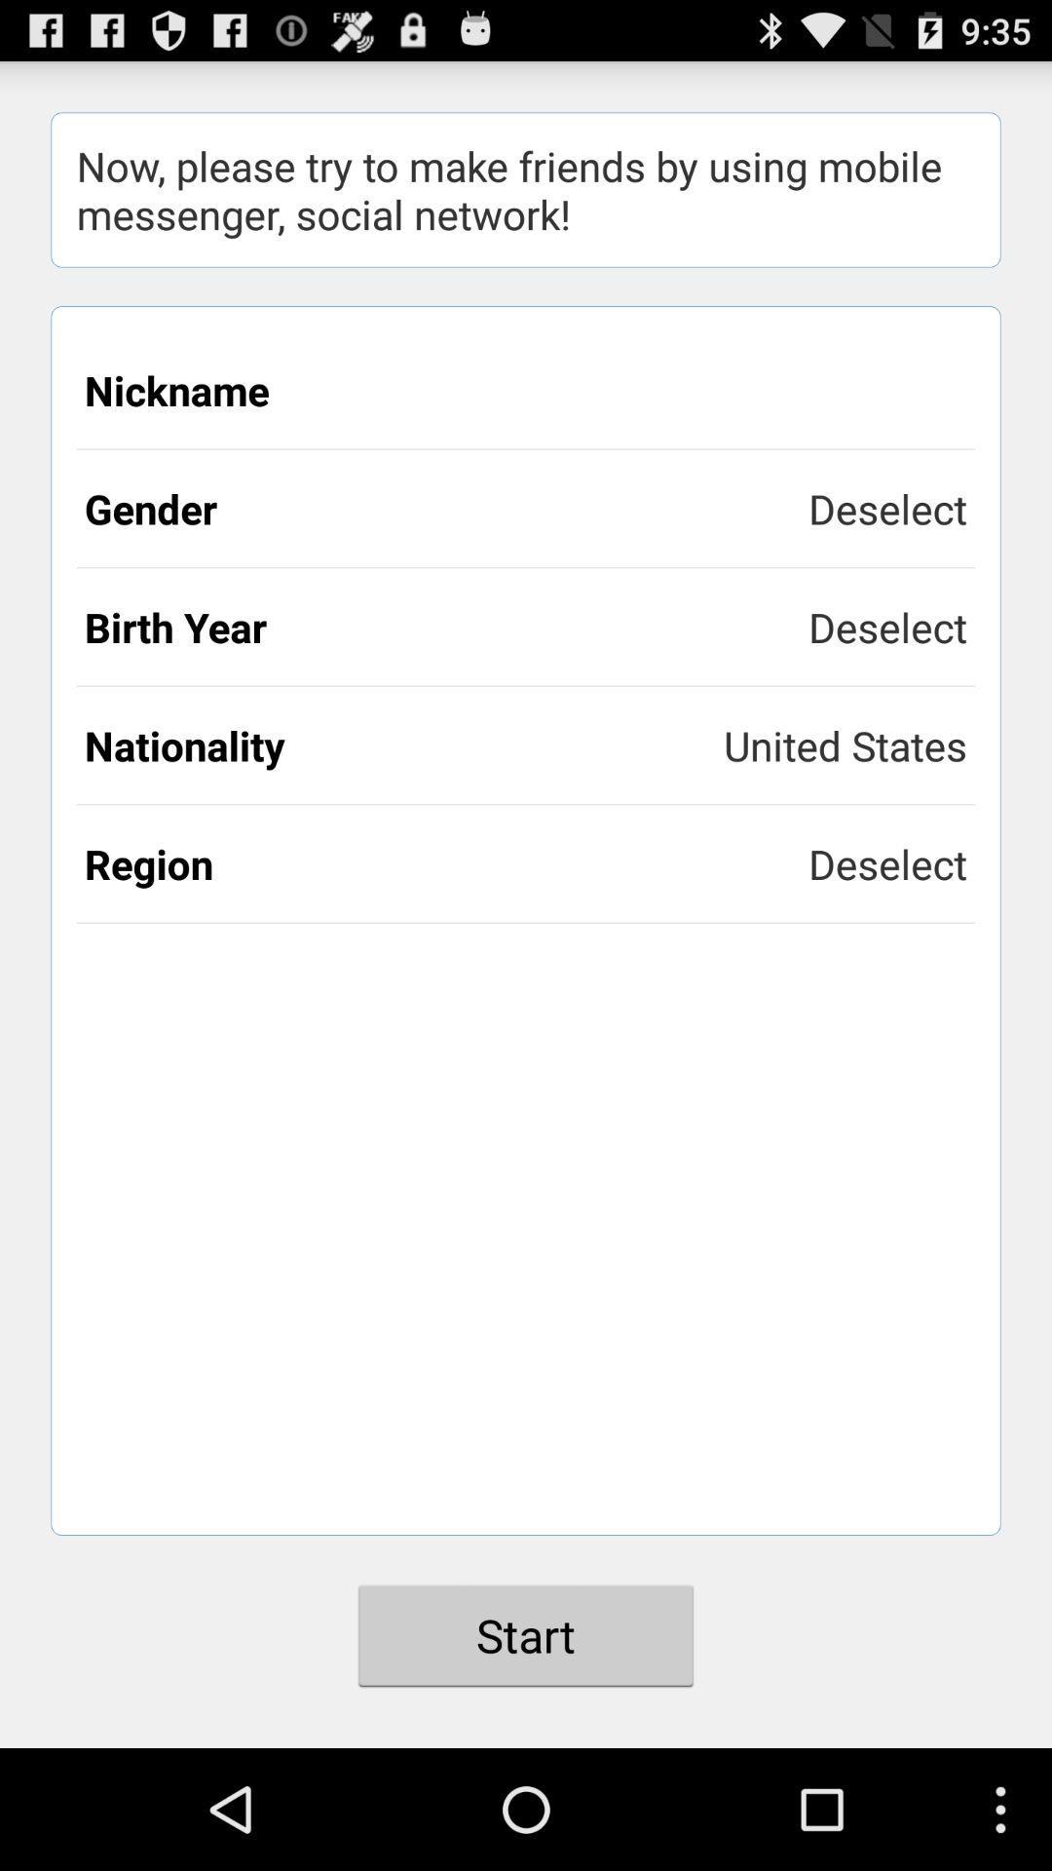 The height and width of the screenshot is (1871, 1052). I want to click on the item below gender item, so click(446, 627).